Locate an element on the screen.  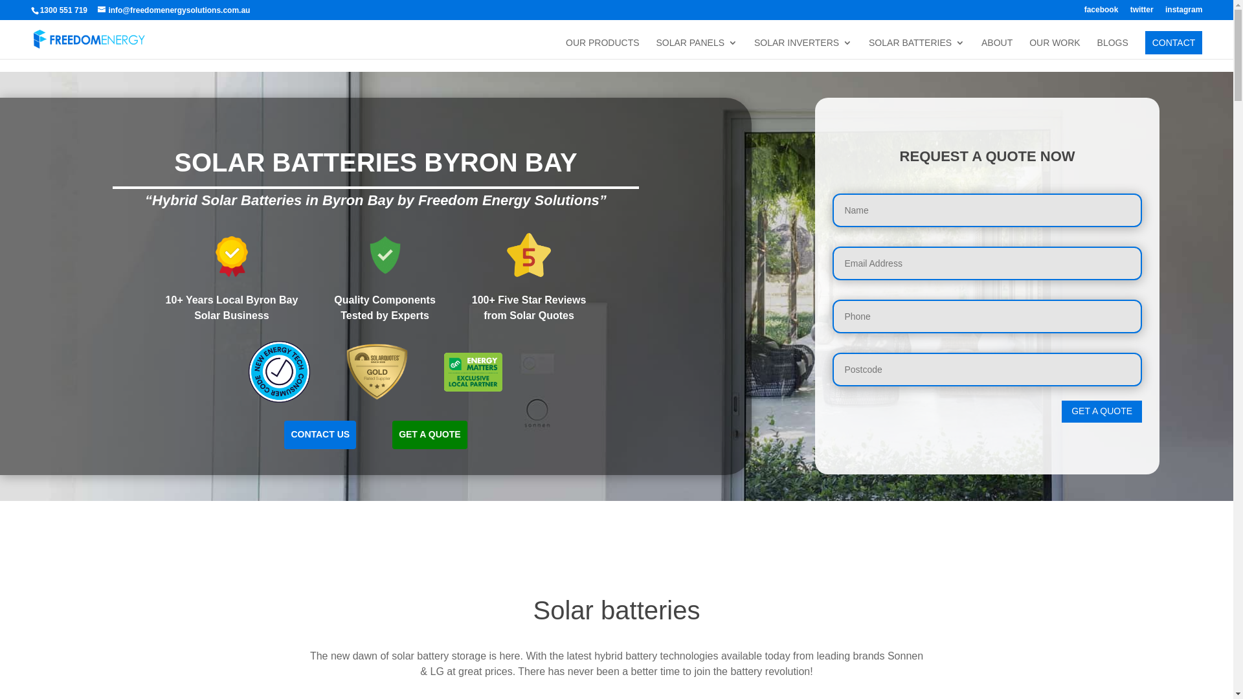
'CONTACT' is located at coordinates (1174, 41).